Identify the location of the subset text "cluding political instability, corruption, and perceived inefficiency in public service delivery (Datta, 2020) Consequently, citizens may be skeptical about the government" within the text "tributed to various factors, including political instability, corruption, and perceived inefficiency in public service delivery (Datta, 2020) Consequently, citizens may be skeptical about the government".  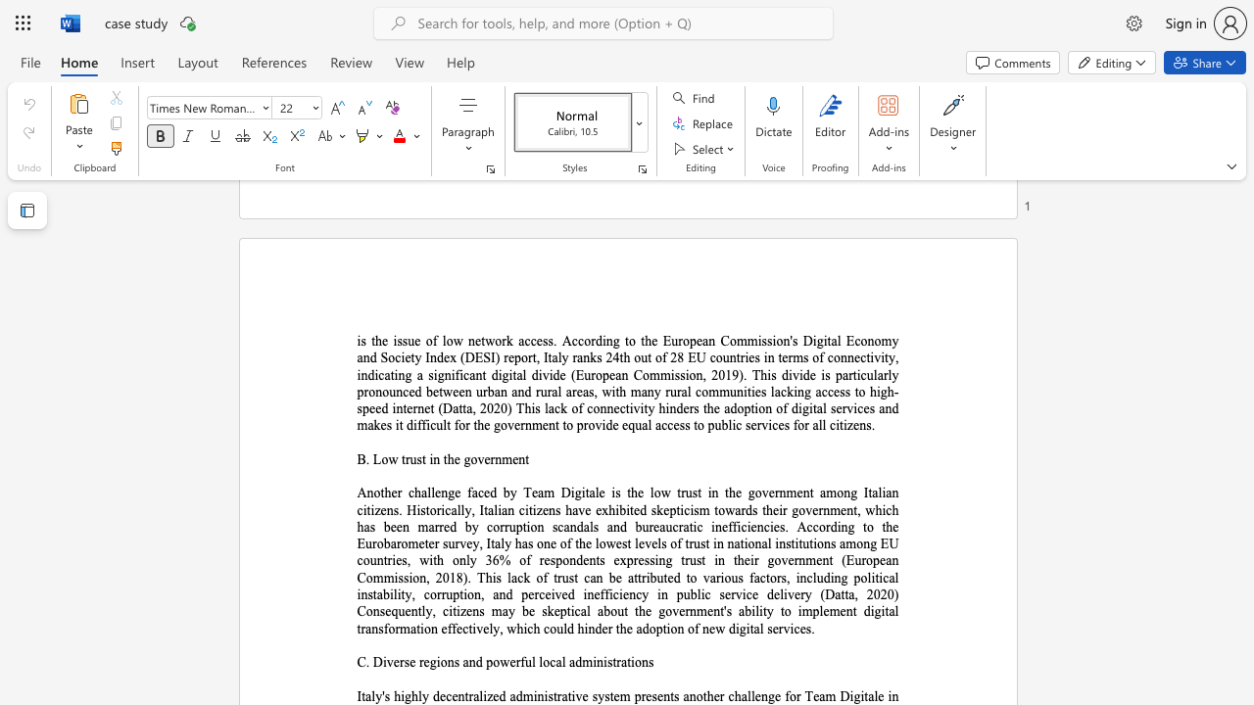
(806, 577).